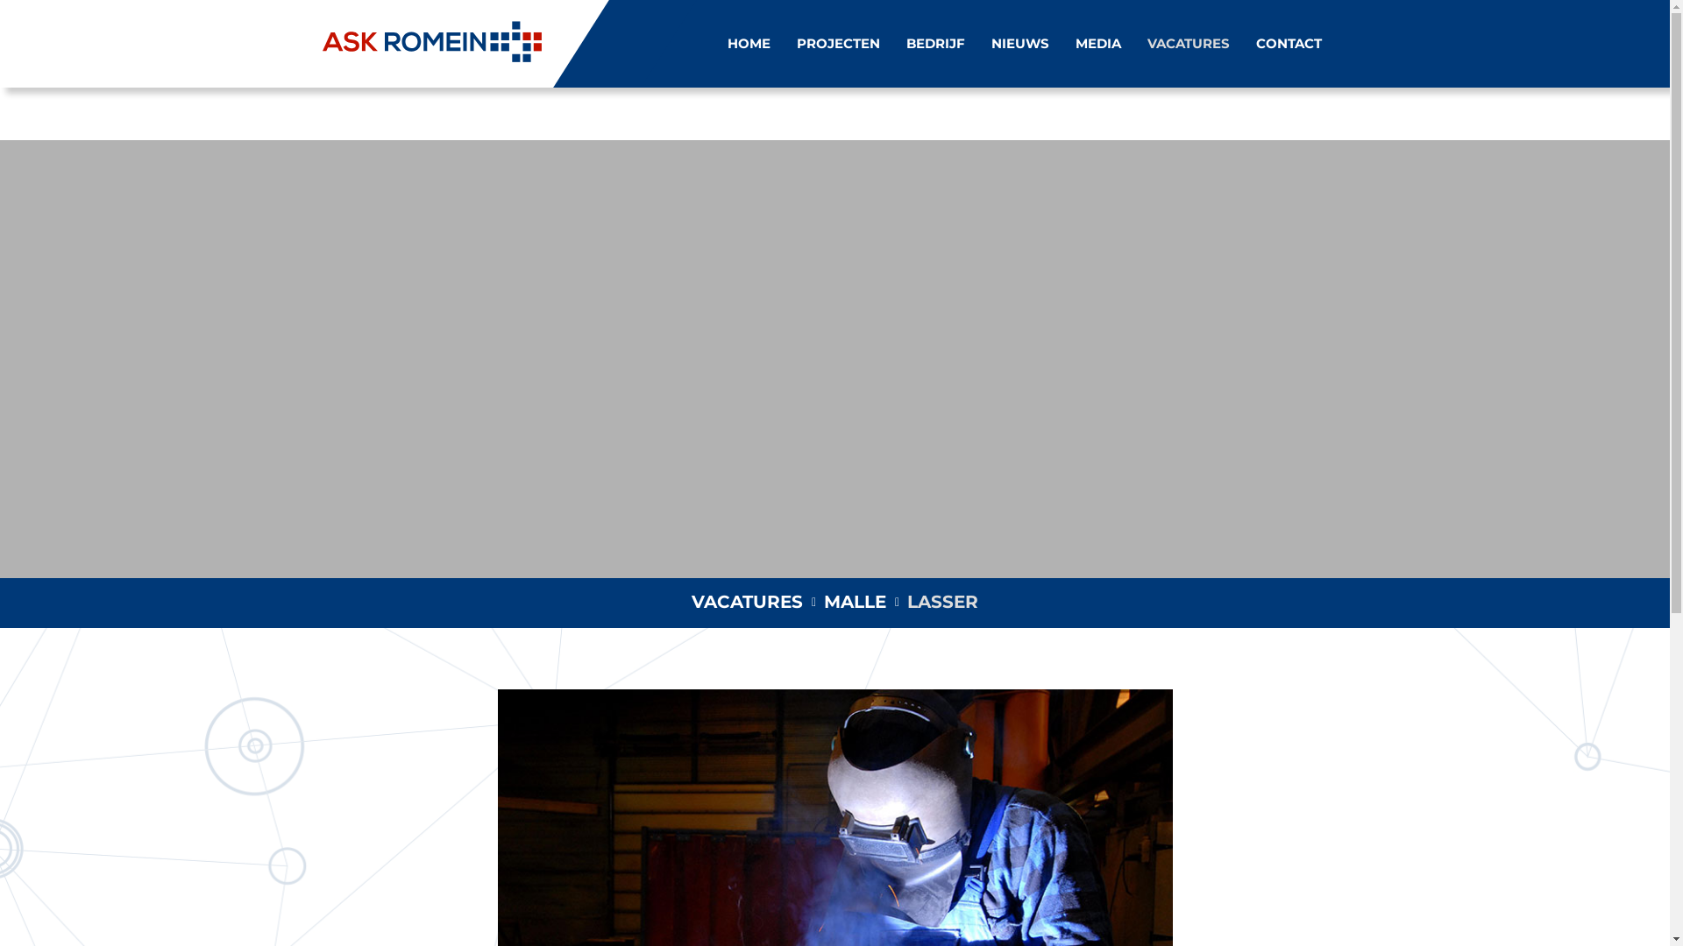 This screenshot has width=1683, height=946. What do you see at coordinates (1097, 43) in the screenshot?
I see `'MEDIA'` at bounding box center [1097, 43].